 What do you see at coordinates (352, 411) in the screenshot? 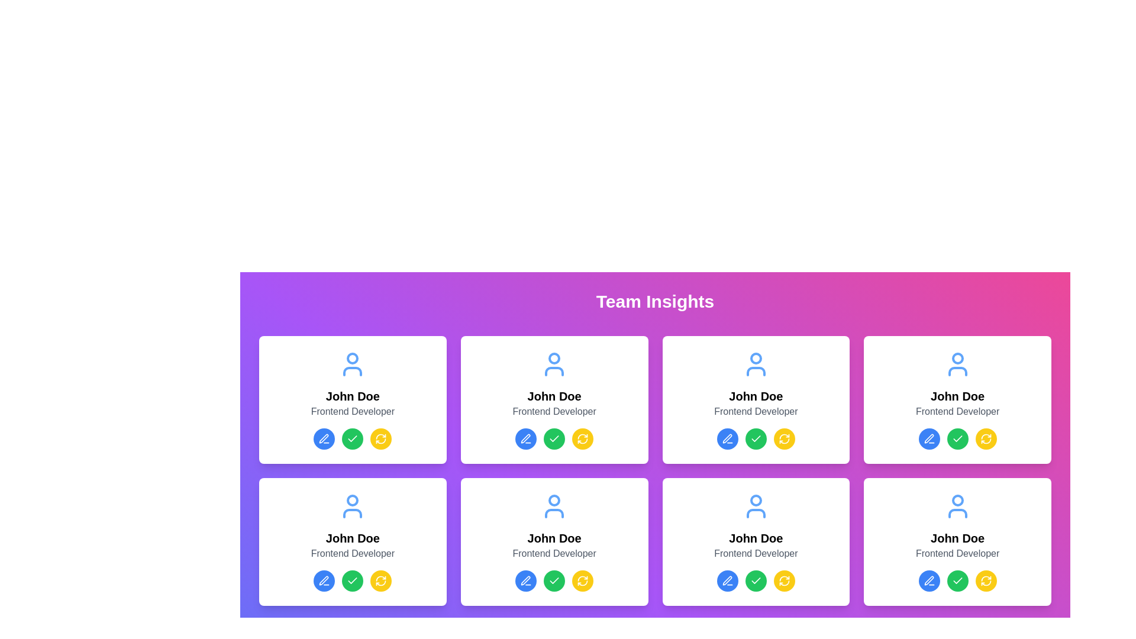
I see `the static text label indicating the role or title of the individual 'John Doe', located in the card layout beneath the bolded name` at bounding box center [352, 411].